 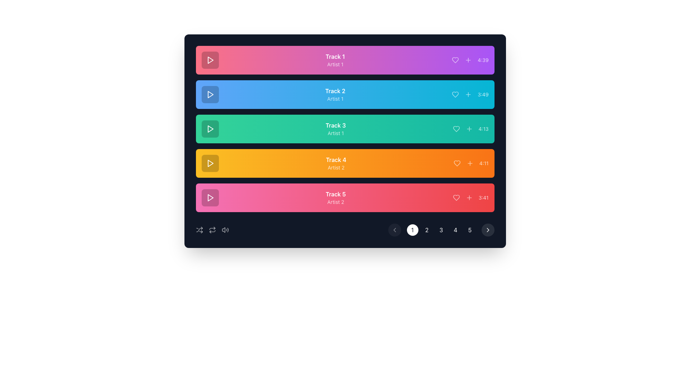 What do you see at coordinates (210, 163) in the screenshot?
I see `the play button located within the fourth track's section, which is centralized within the yellow bar representing 'Track 4' of 'Artist 2'` at bounding box center [210, 163].